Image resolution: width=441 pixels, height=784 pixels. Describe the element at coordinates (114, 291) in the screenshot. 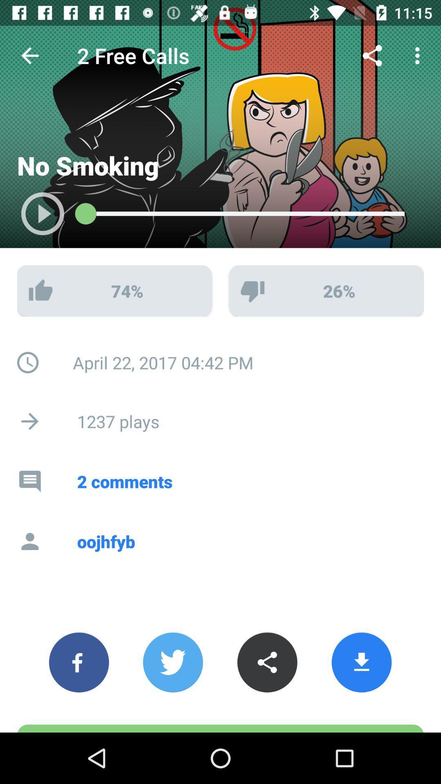

I see `the like option` at that location.